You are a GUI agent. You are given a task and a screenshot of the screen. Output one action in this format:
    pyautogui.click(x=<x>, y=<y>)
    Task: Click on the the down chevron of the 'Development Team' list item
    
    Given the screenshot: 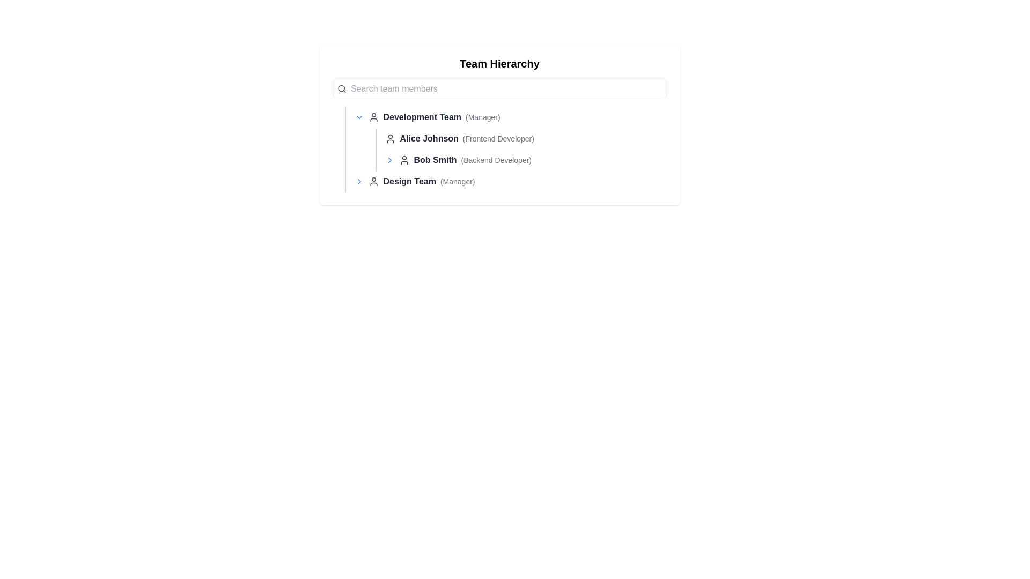 What is the action you would take?
    pyautogui.click(x=510, y=117)
    